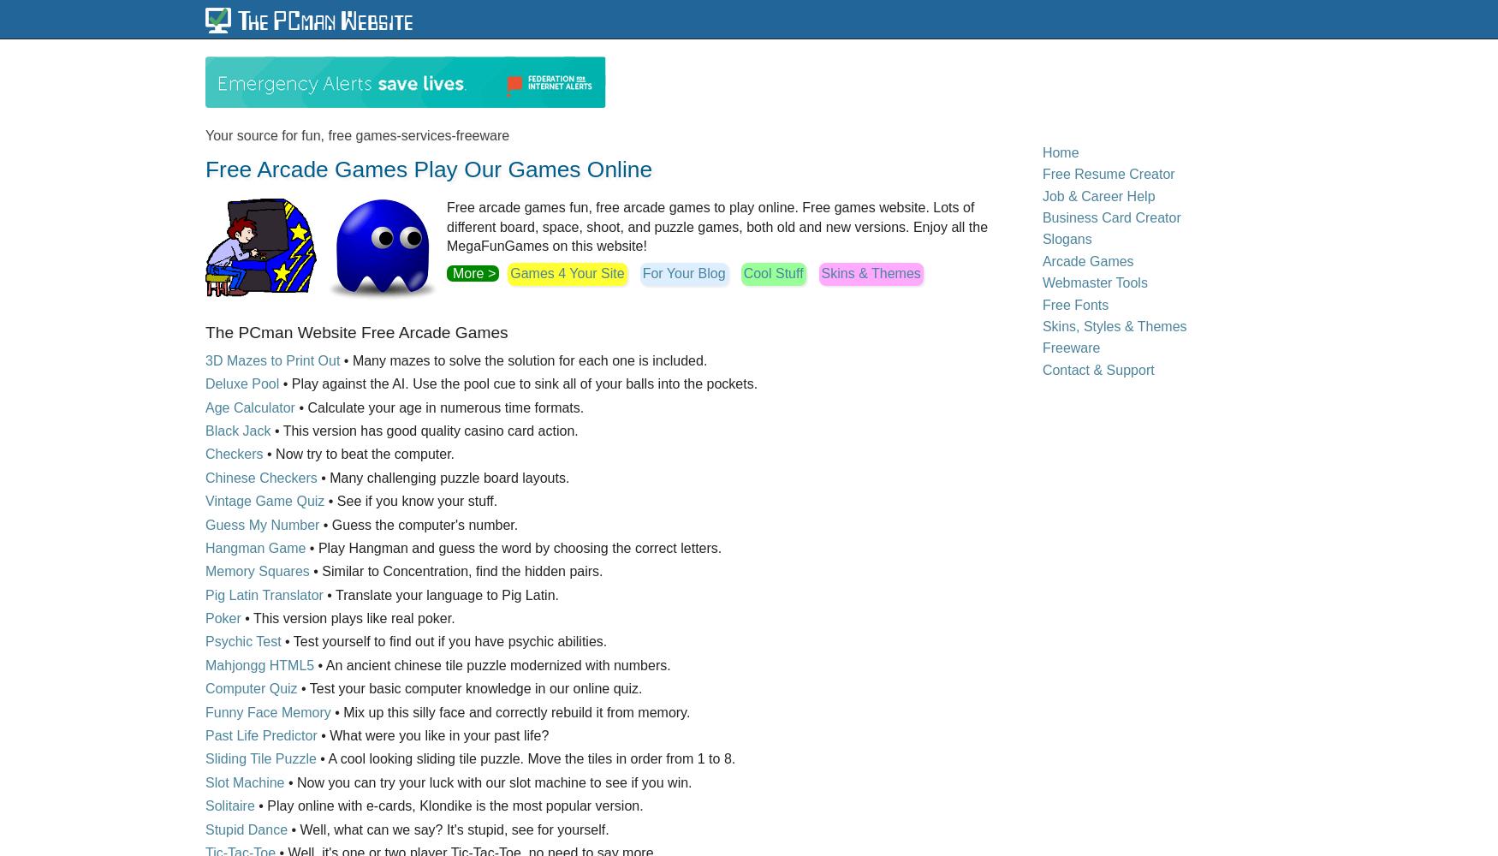 This screenshot has height=856, width=1498. Describe the element at coordinates (237, 430) in the screenshot. I see `'Black Jack'` at that location.